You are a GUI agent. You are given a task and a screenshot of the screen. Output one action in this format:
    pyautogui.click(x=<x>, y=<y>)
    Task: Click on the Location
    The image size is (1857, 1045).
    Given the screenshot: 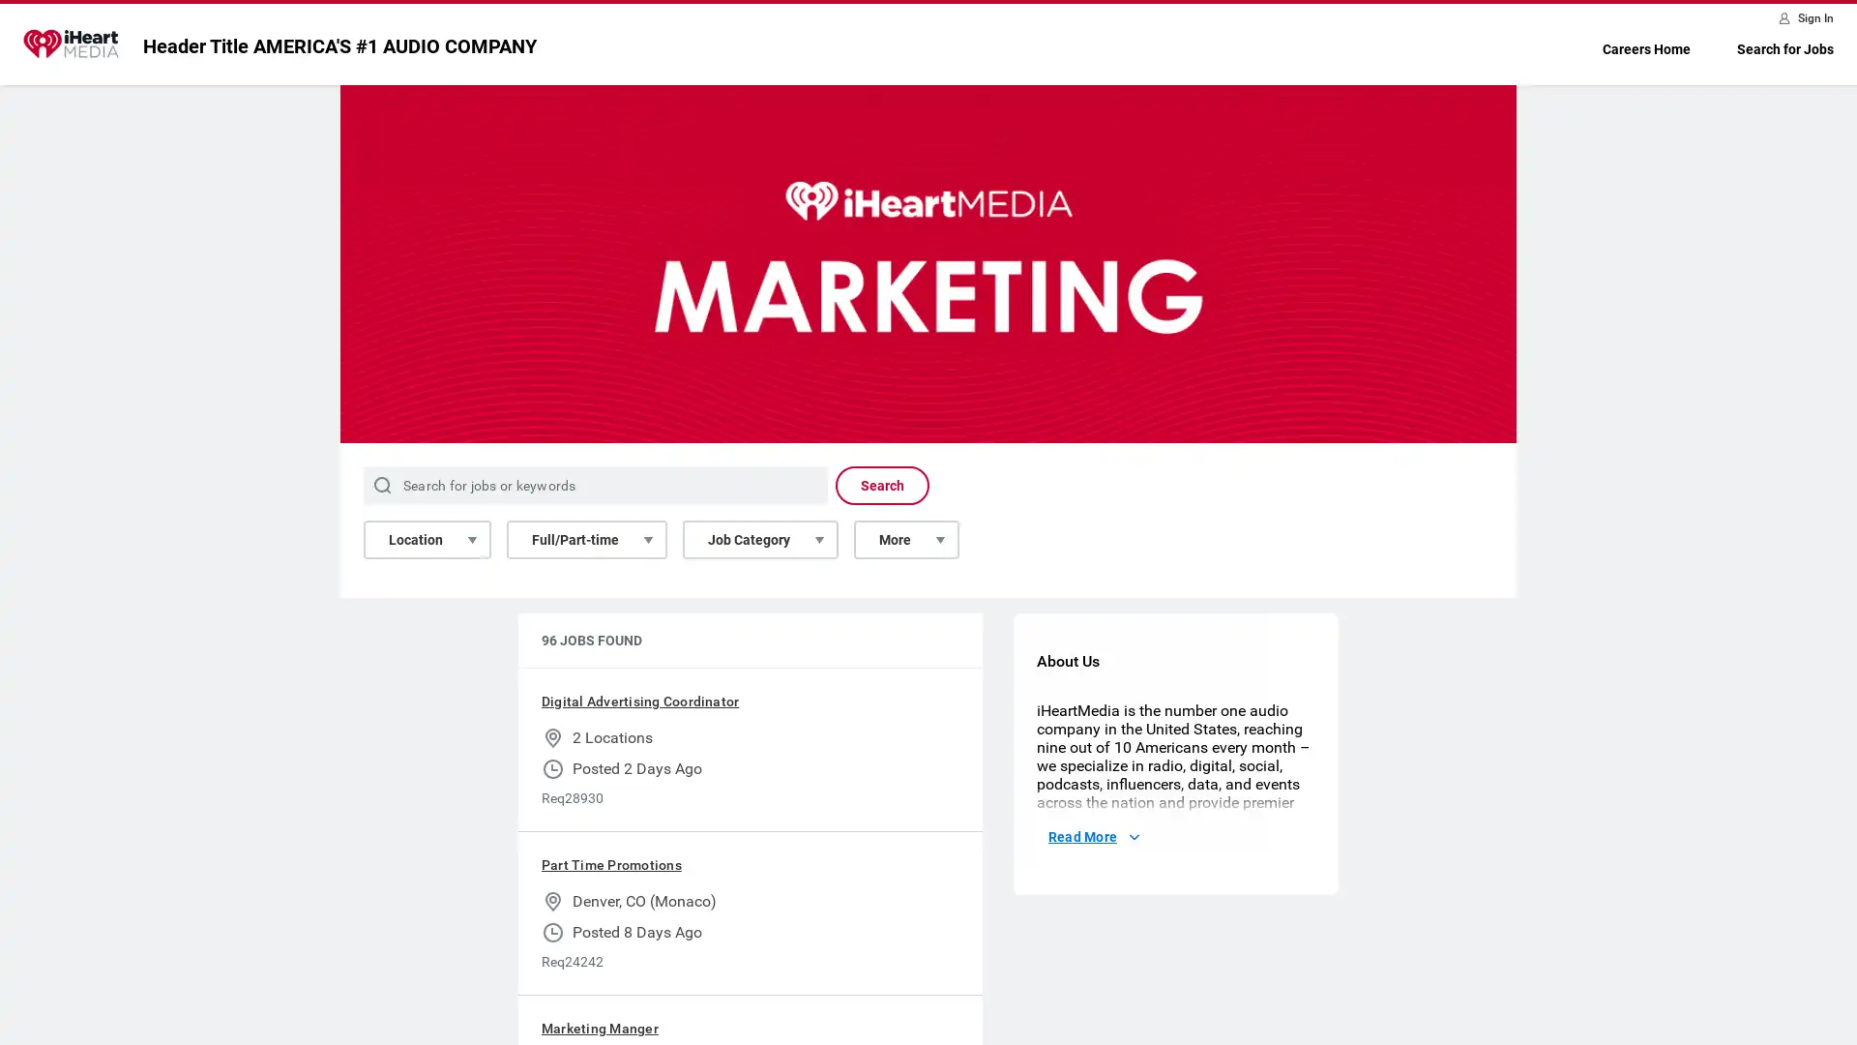 What is the action you would take?
    pyautogui.click(x=426, y=540)
    